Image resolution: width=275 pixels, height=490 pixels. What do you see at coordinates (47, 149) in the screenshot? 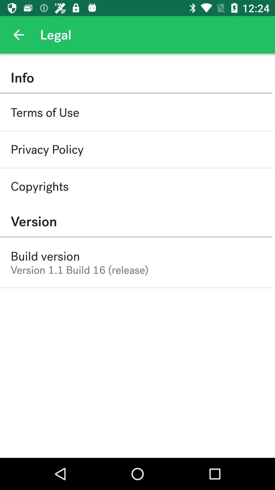
I see `privacy policy` at bounding box center [47, 149].